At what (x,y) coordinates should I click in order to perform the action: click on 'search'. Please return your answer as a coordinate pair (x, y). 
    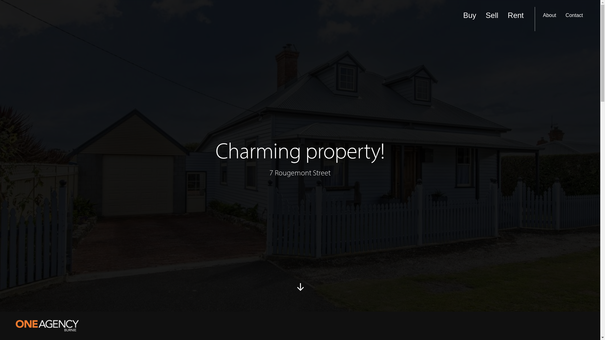
    Looking at the image, I should click on (570, 14).